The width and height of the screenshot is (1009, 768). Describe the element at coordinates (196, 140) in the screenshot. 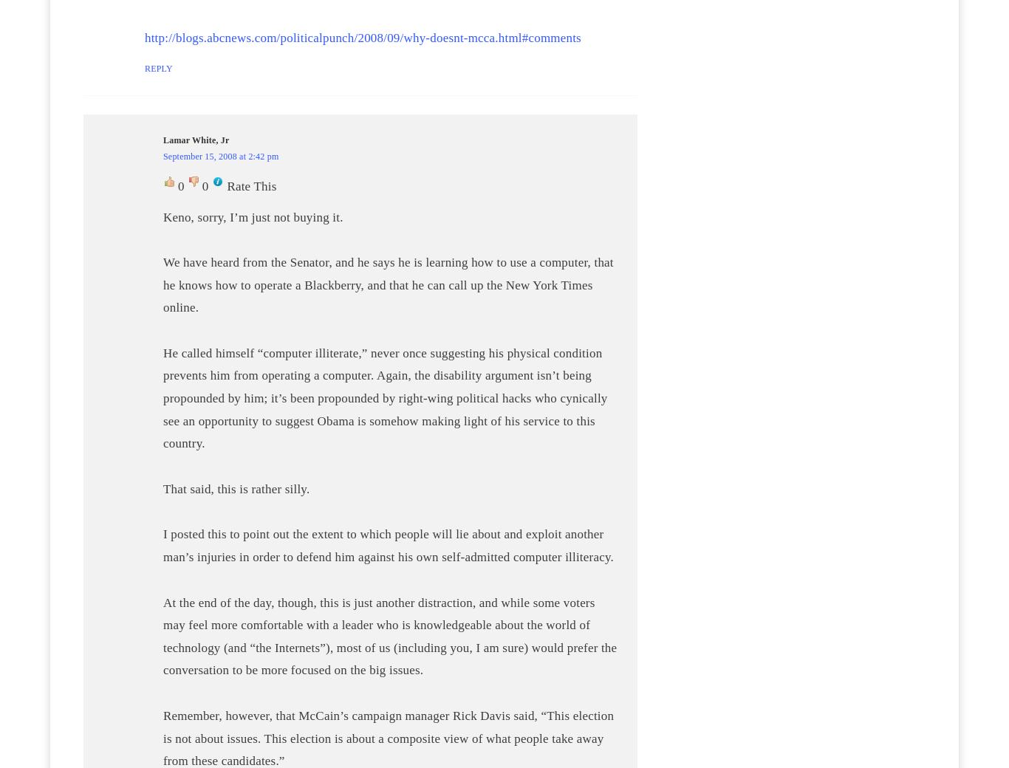

I see `'Lamar White, Jr'` at that location.